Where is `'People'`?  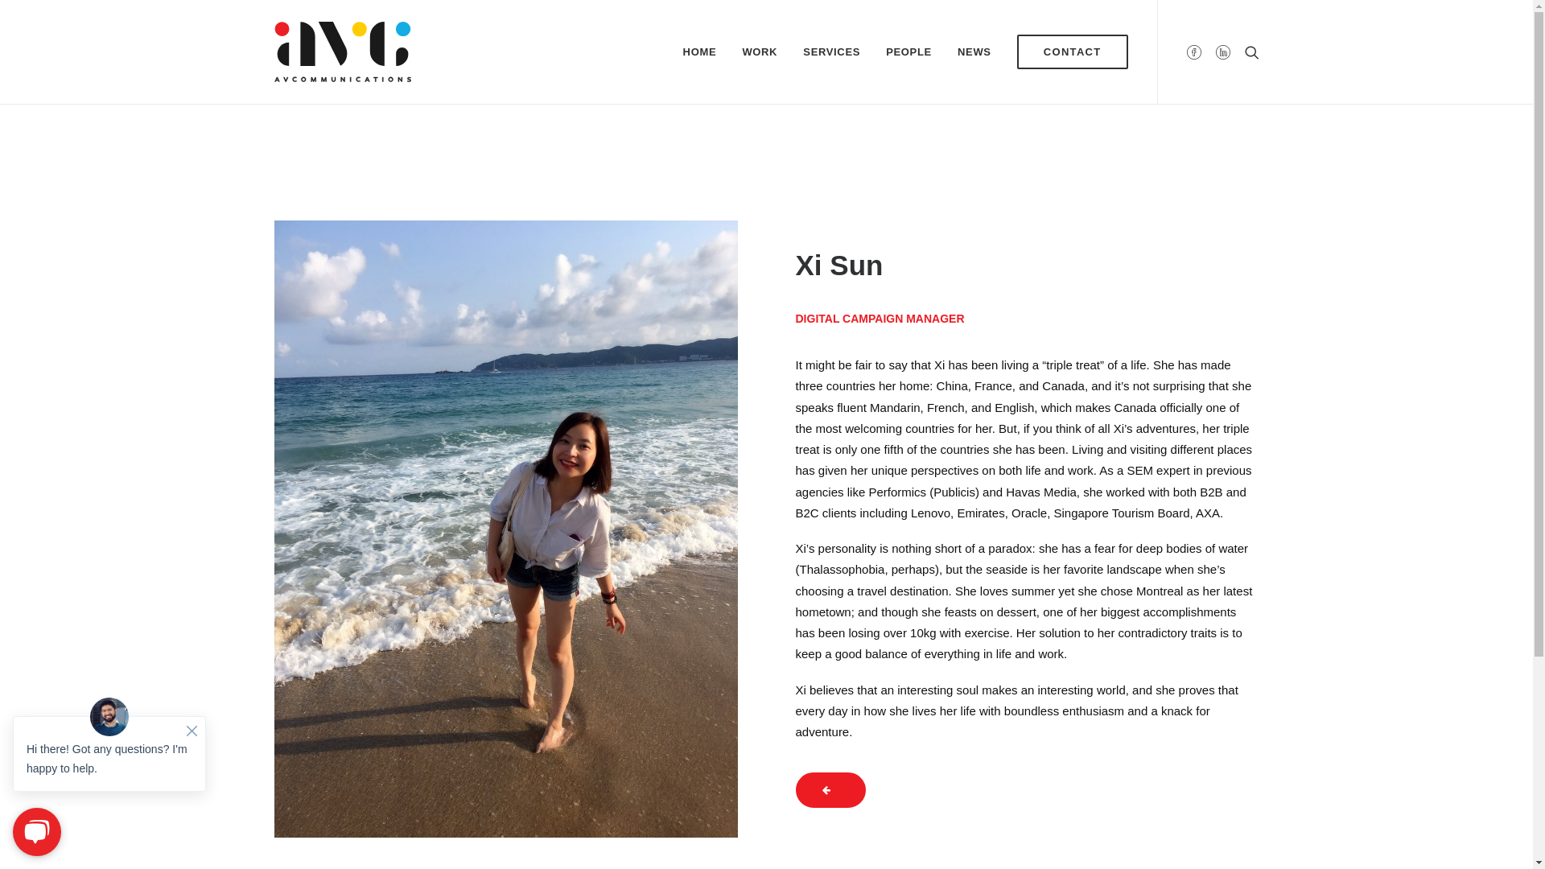 'People' is located at coordinates (830, 789).